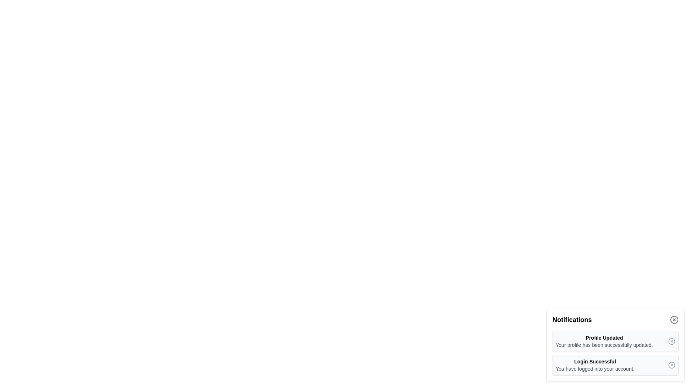  What do you see at coordinates (595, 368) in the screenshot?
I see `the success message text located in the notification card at the bottom-right section of the interface, which confirms that the user has successfully logged into their account` at bounding box center [595, 368].